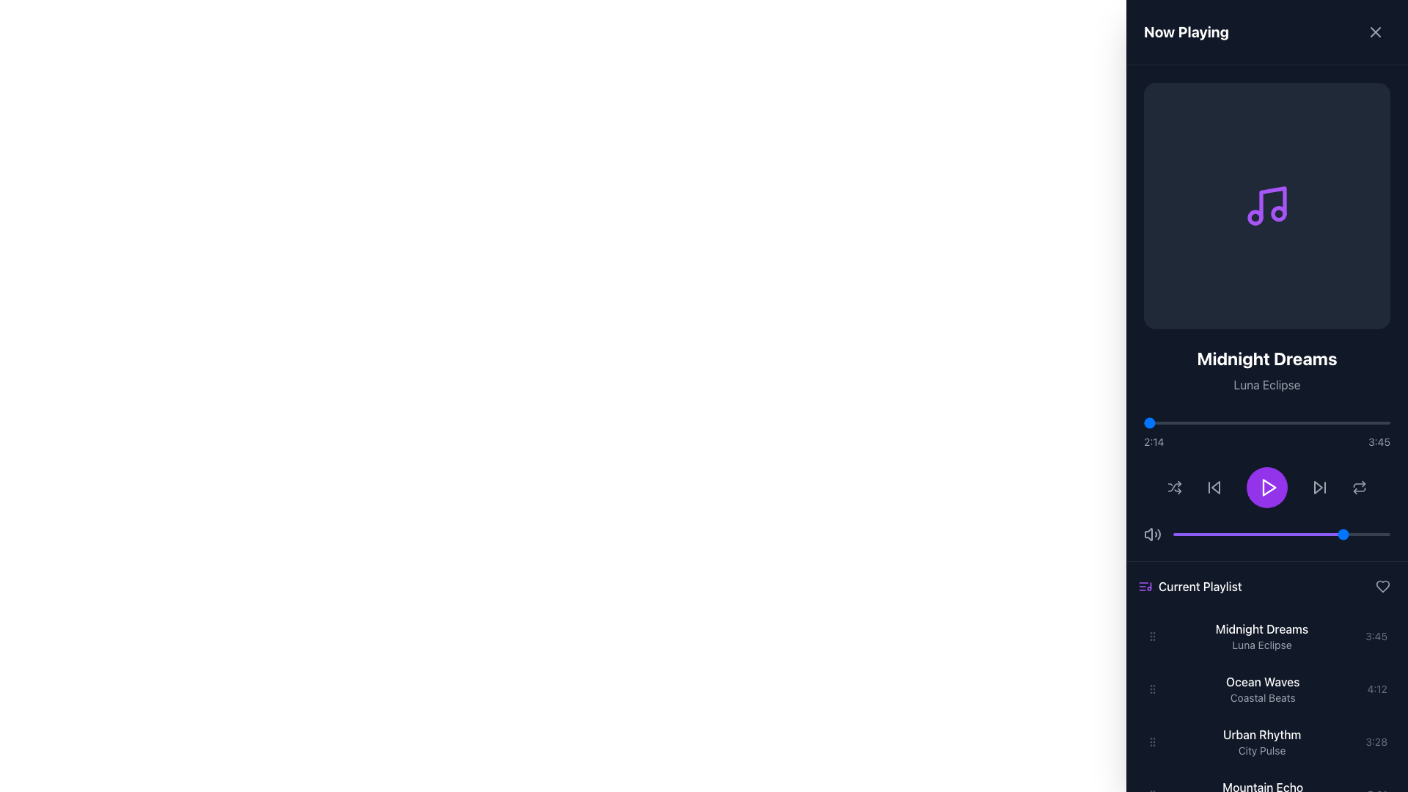 This screenshot has width=1408, height=792. I want to click on the slider value, so click(1325, 535).